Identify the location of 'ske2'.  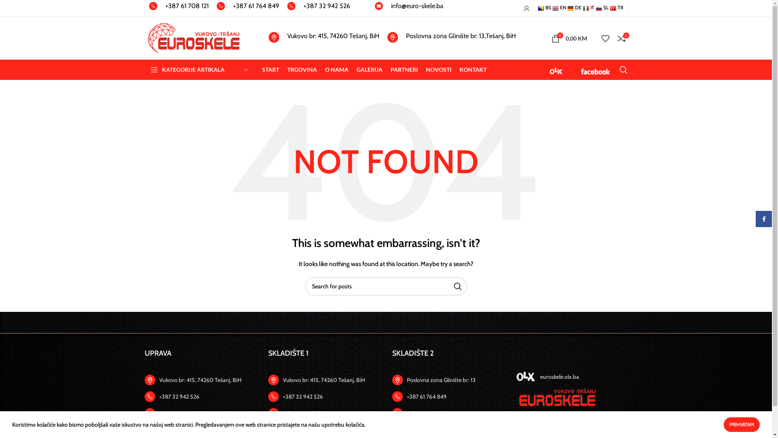
(556, 397).